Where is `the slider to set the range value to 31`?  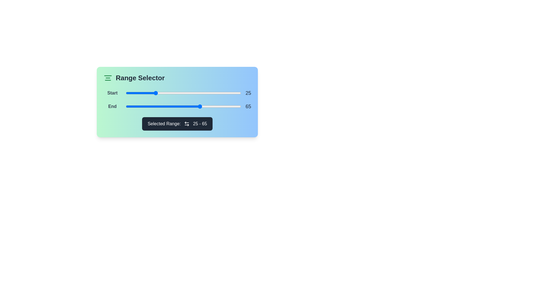 the slider to set the range value to 31 is located at coordinates (161, 93).